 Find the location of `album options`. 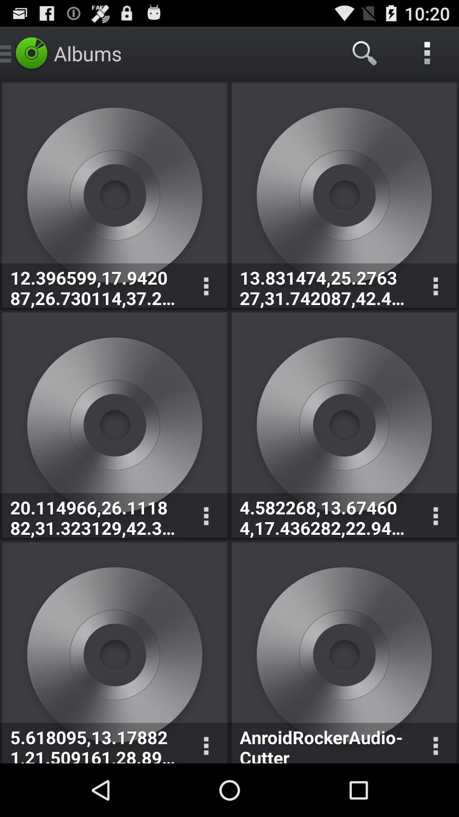

album options is located at coordinates (206, 286).